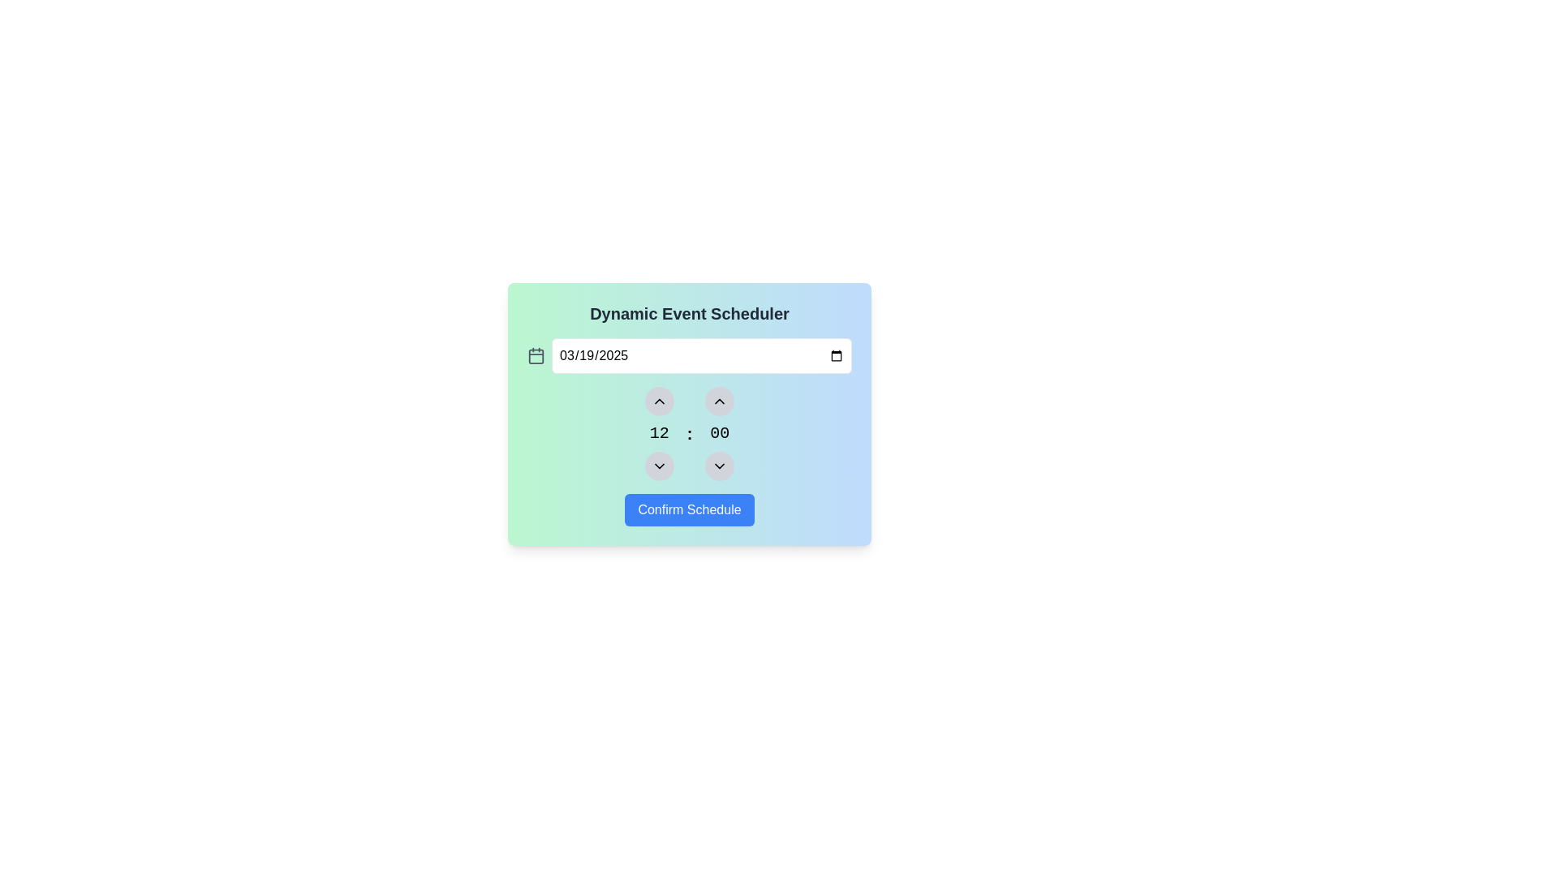 The width and height of the screenshot is (1558, 876). Describe the element at coordinates (689, 355) in the screenshot. I see `a date from the dropdown calendar in the date input field located below the title 'Dynamic Event Scheduler'` at that location.